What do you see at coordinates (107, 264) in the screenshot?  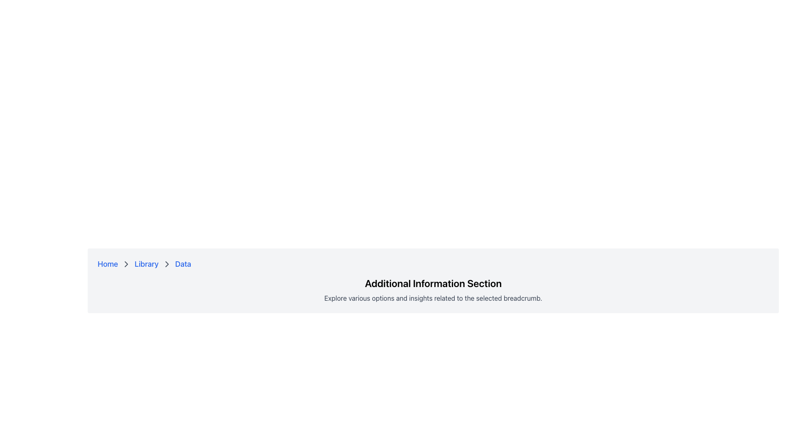 I see `the breadcrumb navigation link that redirects to the home page to trigger a color change` at bounding box center [107, 264].